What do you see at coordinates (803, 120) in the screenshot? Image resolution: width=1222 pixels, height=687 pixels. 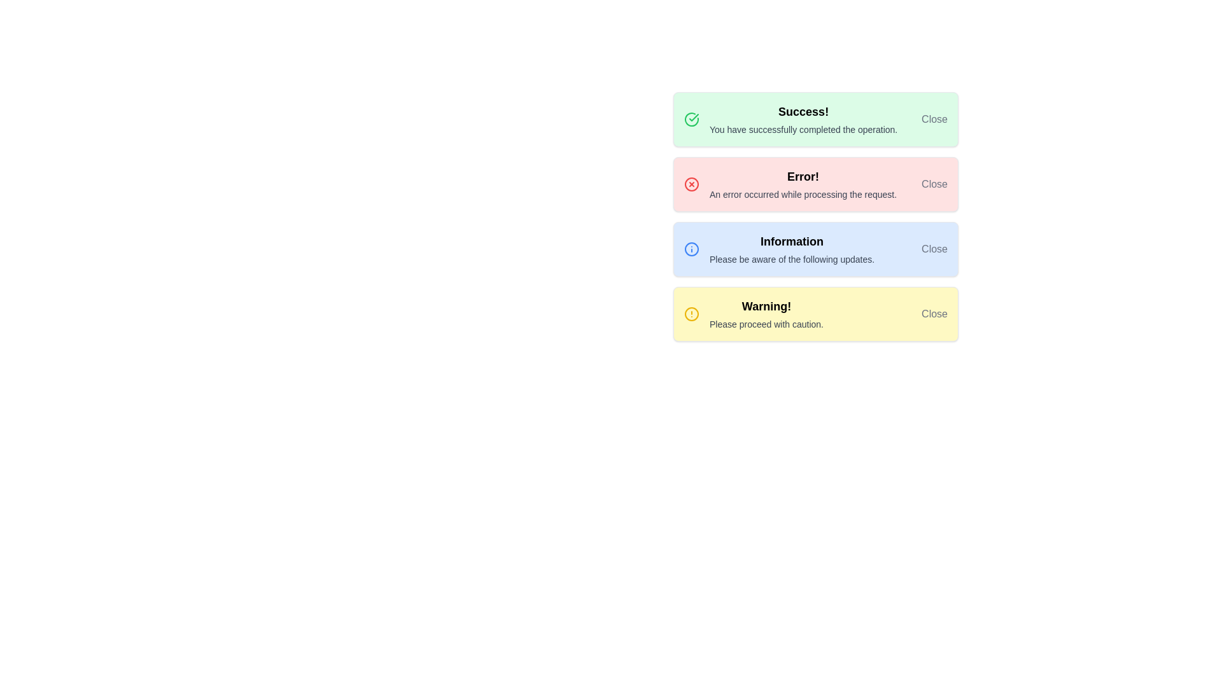 I see `the textual notification message that displays 'Success!' and 'You have successfully completed the operation.'` at bounding box center [803, 120].